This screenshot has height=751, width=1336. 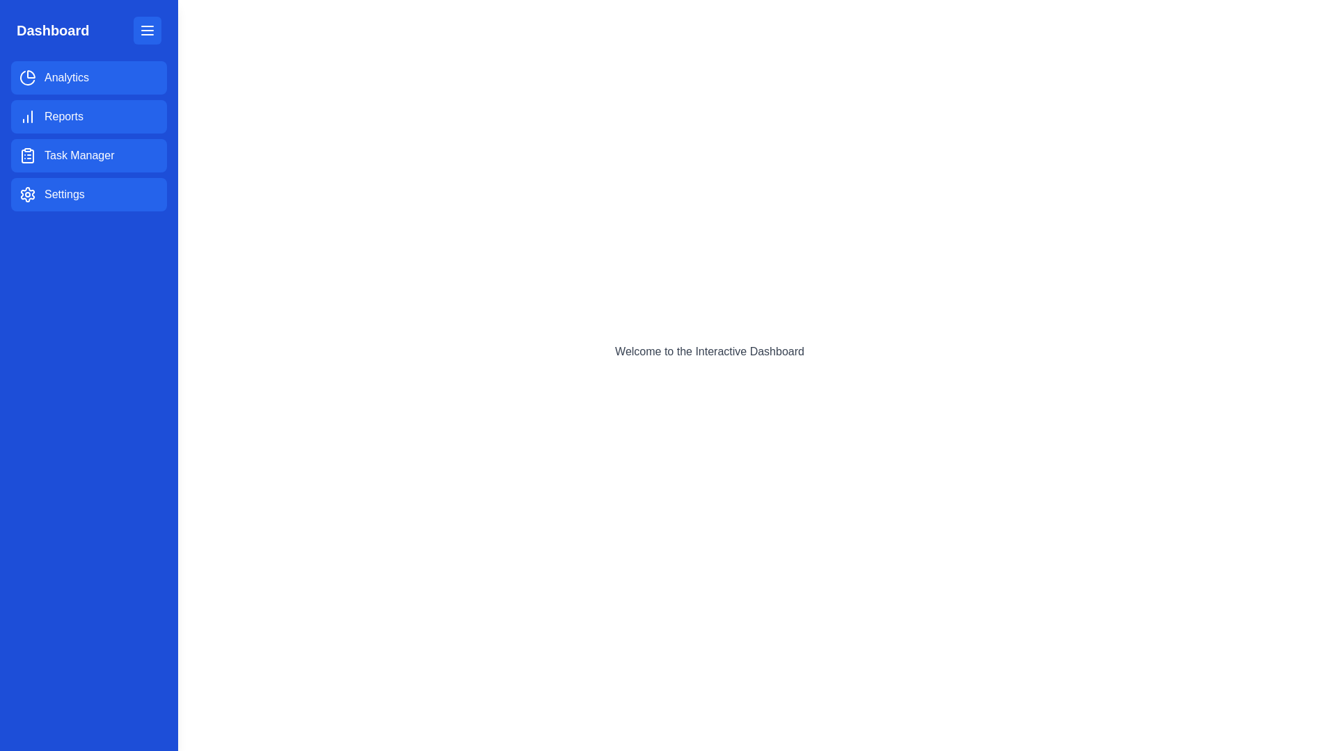 What do you see at coordinates (88, 195) in the screenshot?
I see `the menu item labeled Settings in the drawer` at bounding box center [88, 195].